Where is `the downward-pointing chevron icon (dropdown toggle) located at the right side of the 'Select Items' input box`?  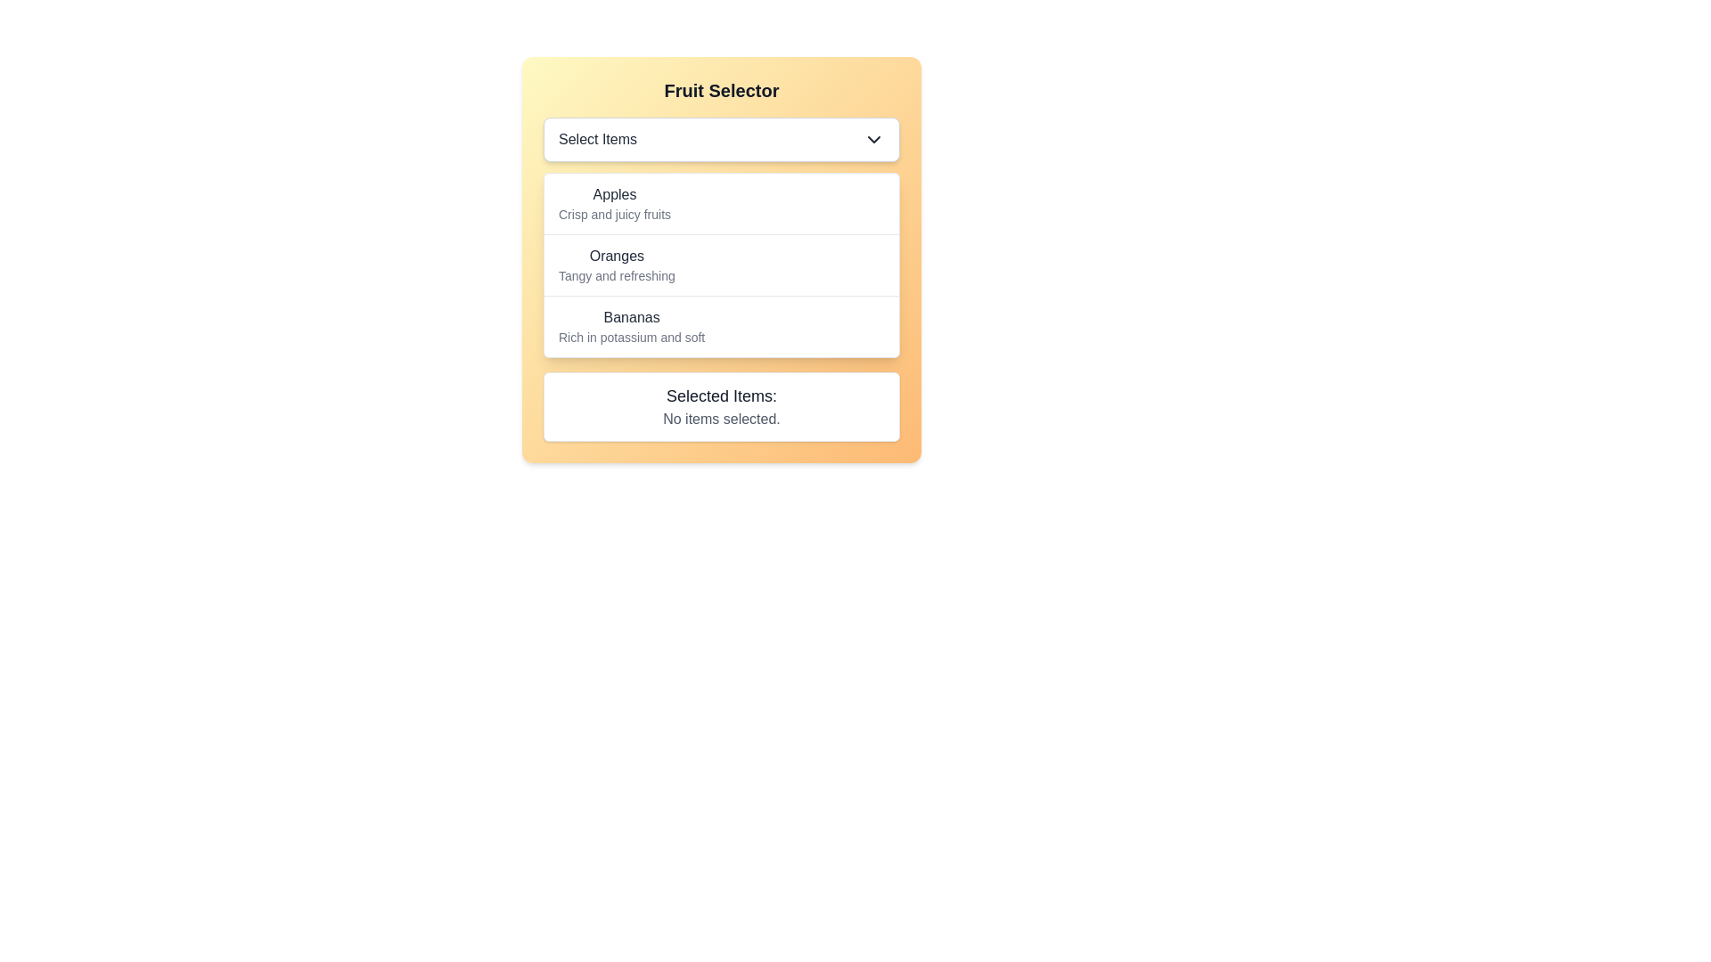
the downward-pointing chevron icon (dropdown toggle) located at the right side of the 'Select Items' input box is located at coordinates (873, 139).